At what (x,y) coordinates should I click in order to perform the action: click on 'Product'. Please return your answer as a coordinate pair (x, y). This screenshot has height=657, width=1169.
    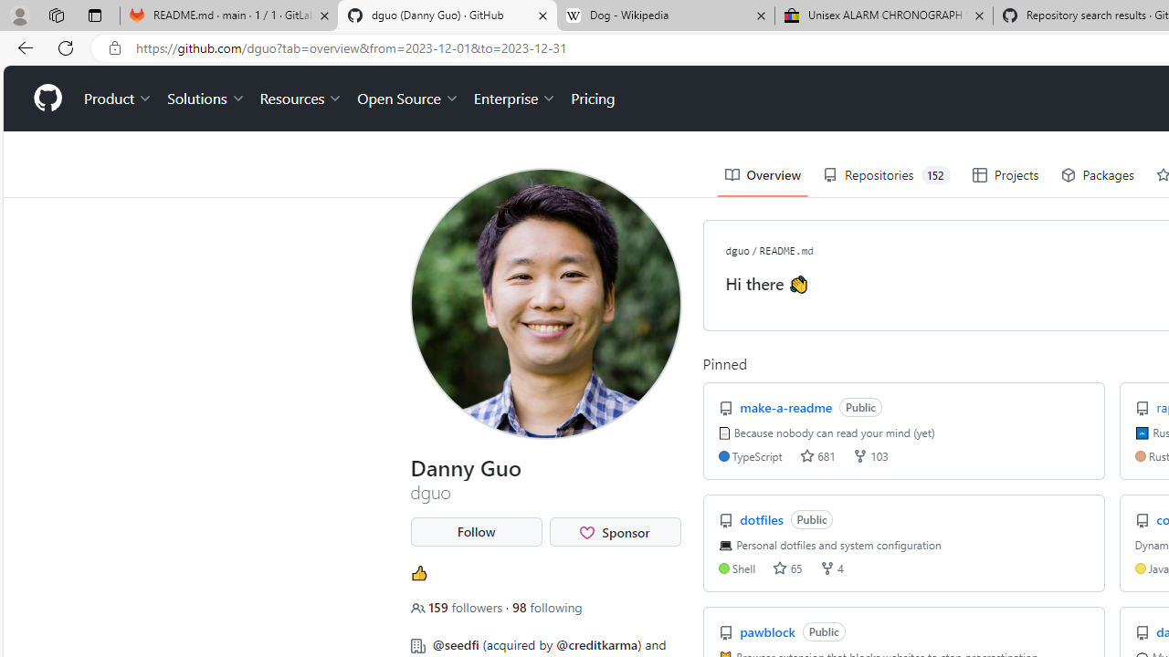
    Looking at the image, I should click on (118, 99).